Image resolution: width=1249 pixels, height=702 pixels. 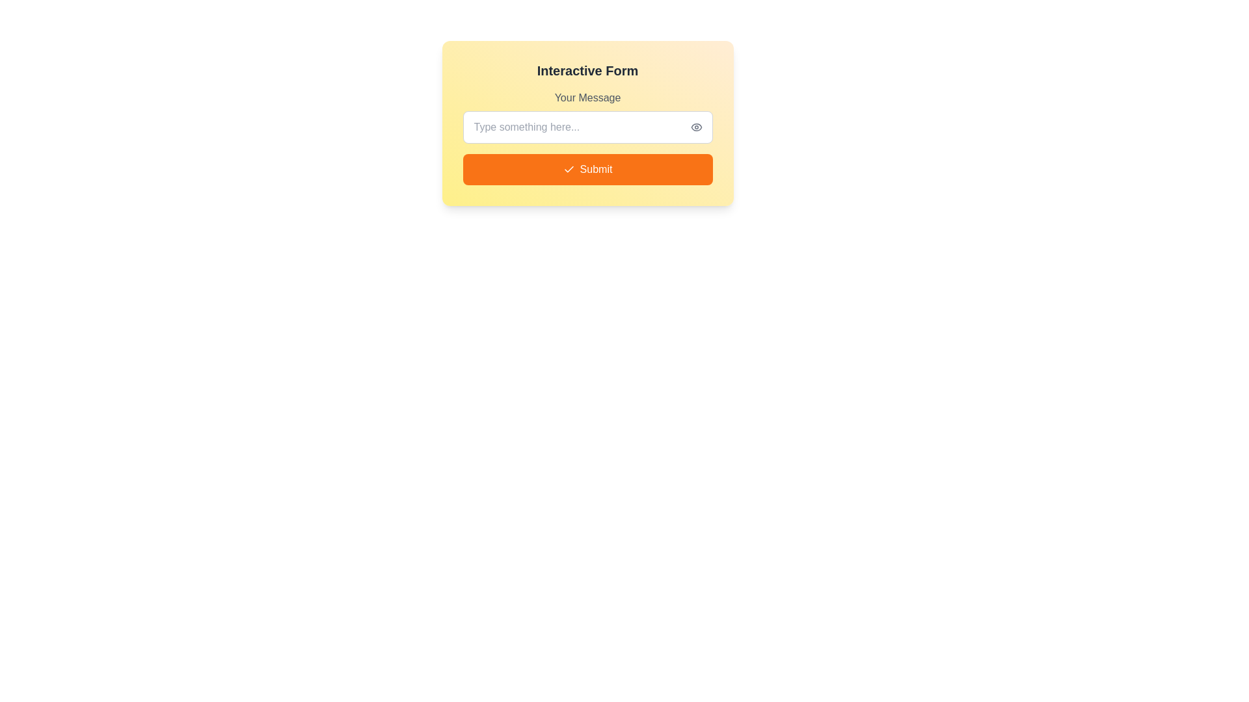 What do you see at coordinates (695, 127) in the screenshot?
I see `the small, clickable gray eye icon located at the far-right end of the text input box to possibly see a tooltip` at bounding box center [695, 127].